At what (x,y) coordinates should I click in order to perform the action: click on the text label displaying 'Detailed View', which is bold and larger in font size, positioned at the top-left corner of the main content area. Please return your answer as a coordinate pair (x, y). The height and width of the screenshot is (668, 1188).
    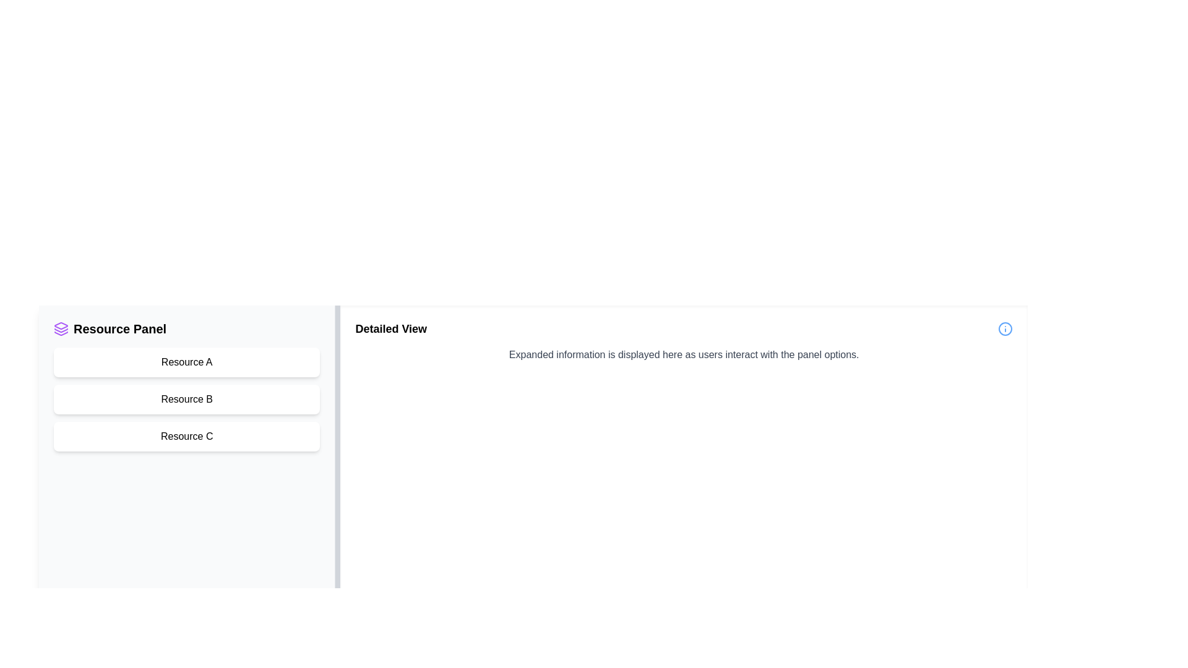
    Looking at the image, I should click on (390, 328).